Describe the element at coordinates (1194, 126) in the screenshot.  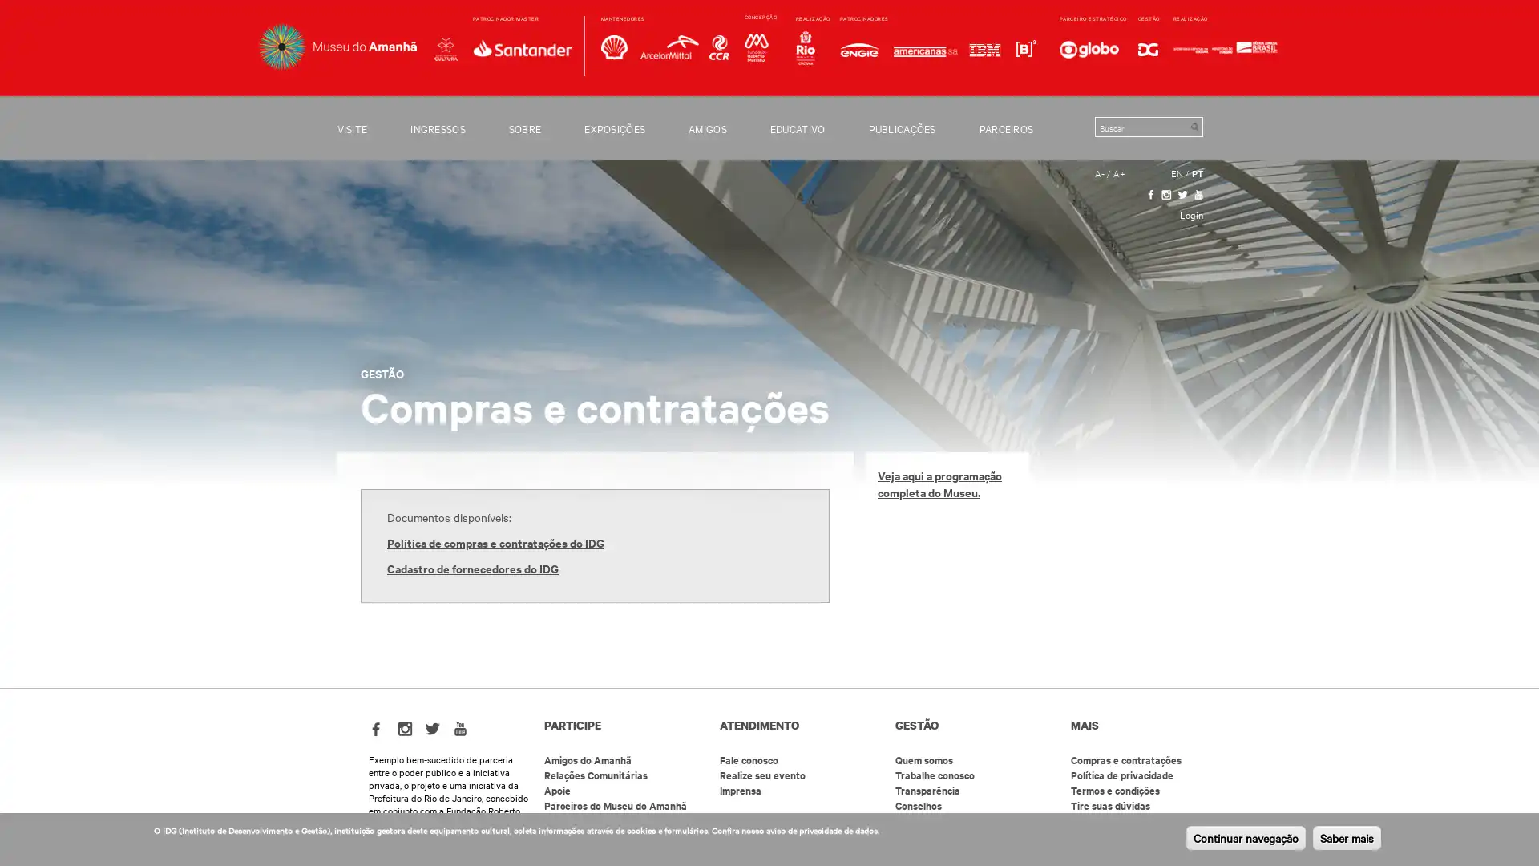
I see `Submit` at that location.